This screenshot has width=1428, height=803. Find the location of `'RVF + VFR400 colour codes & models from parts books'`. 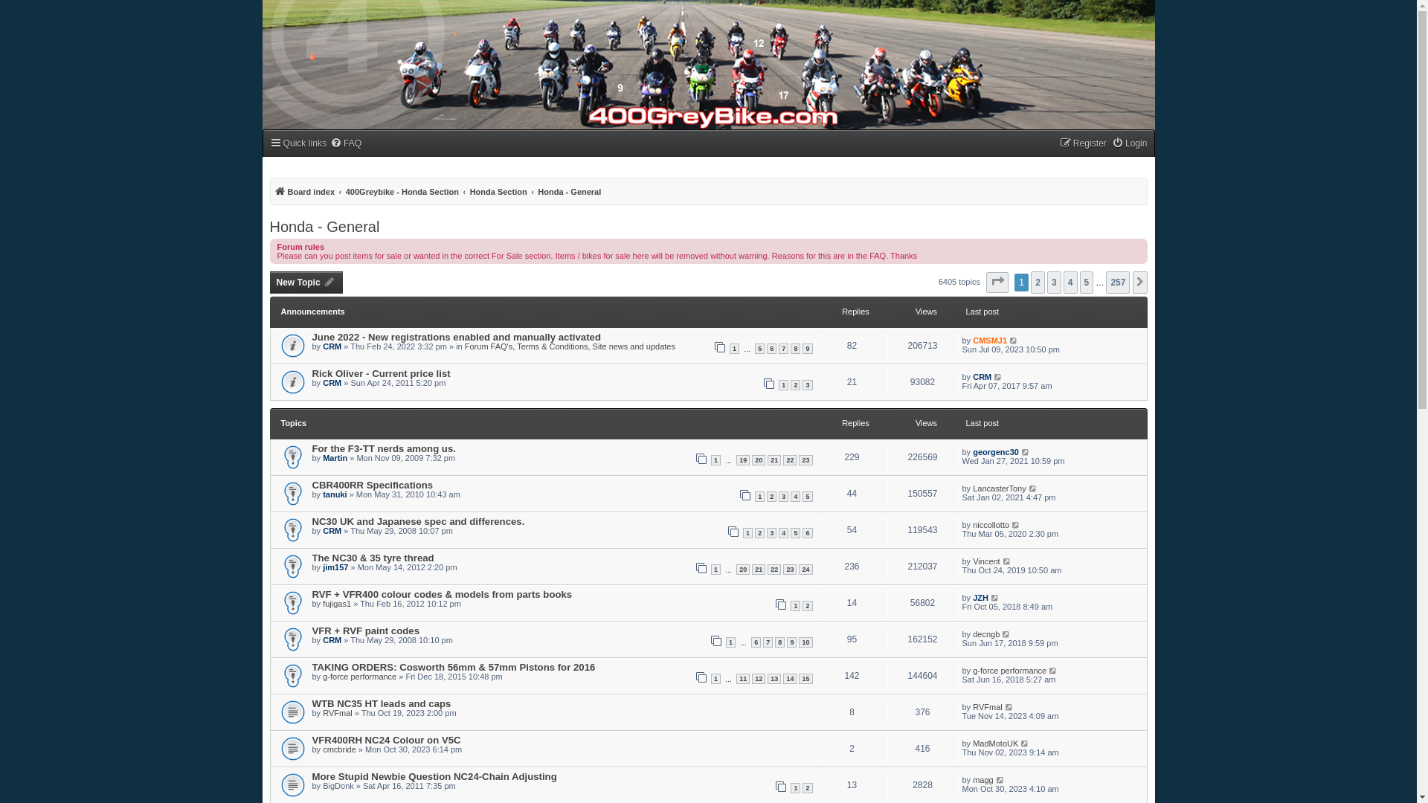

'RVF + VFR400 colour codes & models from parts books' is located at coordinates (442, 593).